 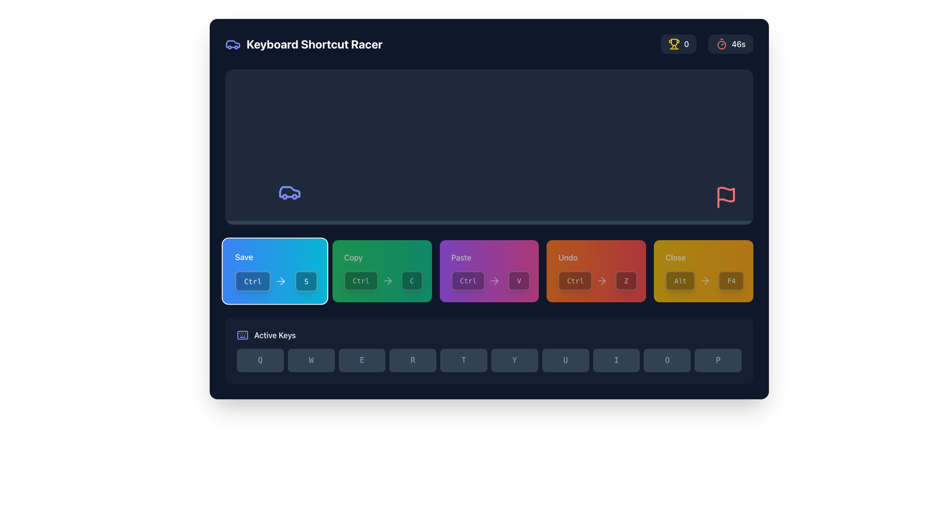 What do you see at coordinates (382, 271) in the screenshot?
I see `the informational card that represents the 'Copy' keyboard shortcut, which displays 'Ctrl + C' and is located between the 'Save' card and the 'Paste' card in a horizontal row` at bounding box center [382, 271].